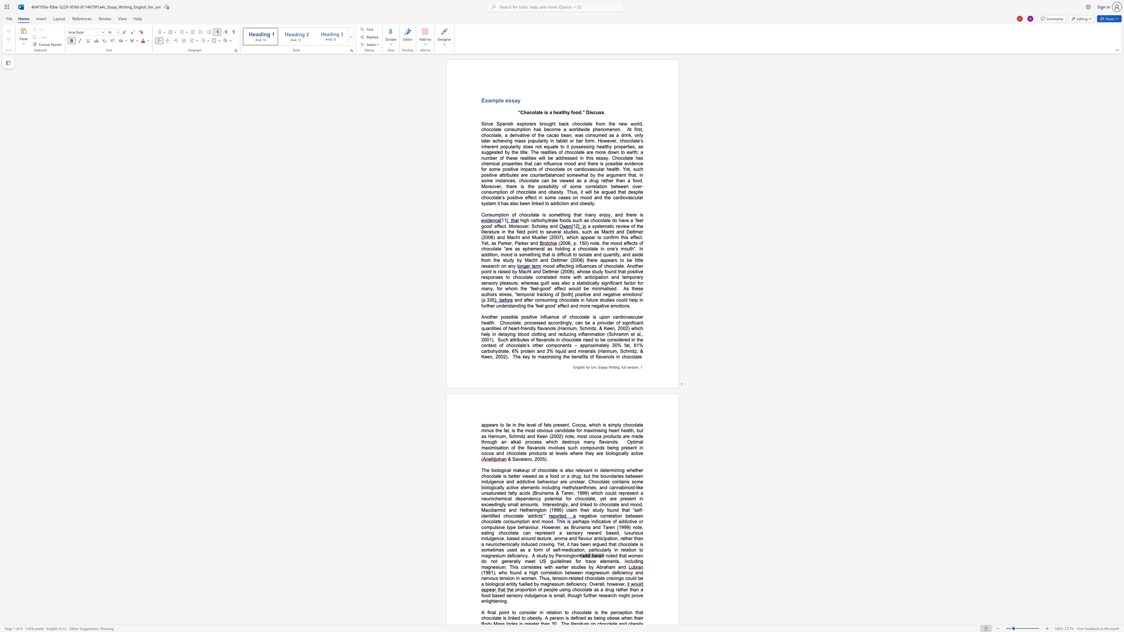 The image size is (1124, 632). Describe the element at coordinates (614, 277) in the screenshot. I see `the subset text "nd temporary sensor" within the text "mood affecting influences of chocolate. Another point is raised by Macht and Dettmer (2006), whose study found that positive responses to chocolate correlated more with anticipation and temporary sensory pleasure,"` at that location.